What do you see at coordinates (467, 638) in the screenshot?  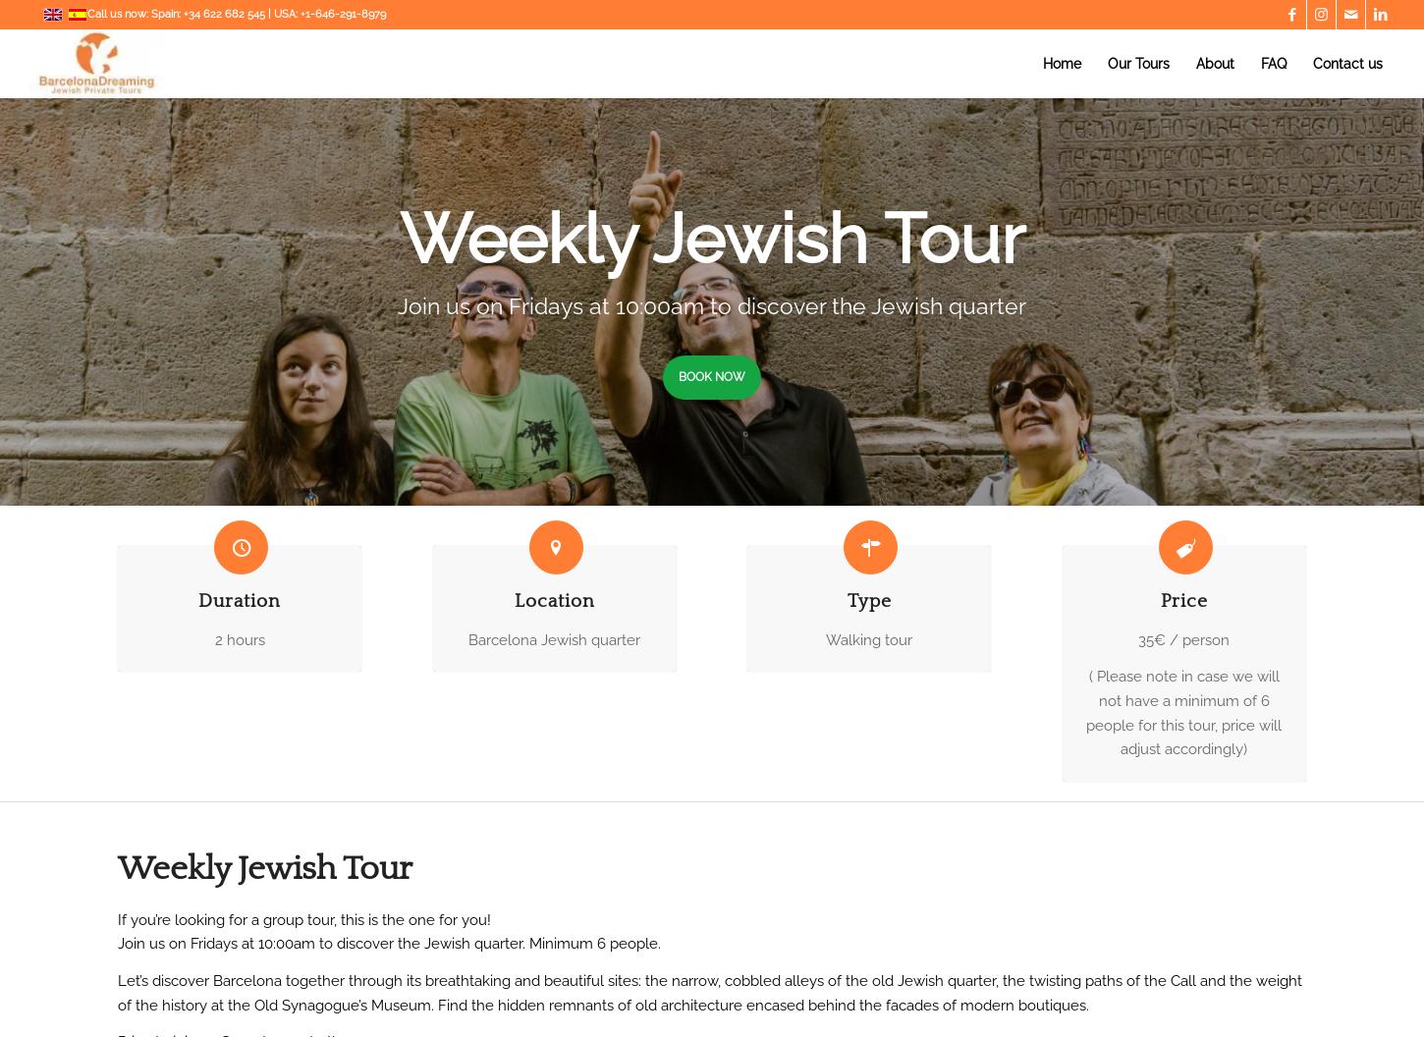 I see `'Barcelona Jewish quarter'` at bounding box center [467, 638].